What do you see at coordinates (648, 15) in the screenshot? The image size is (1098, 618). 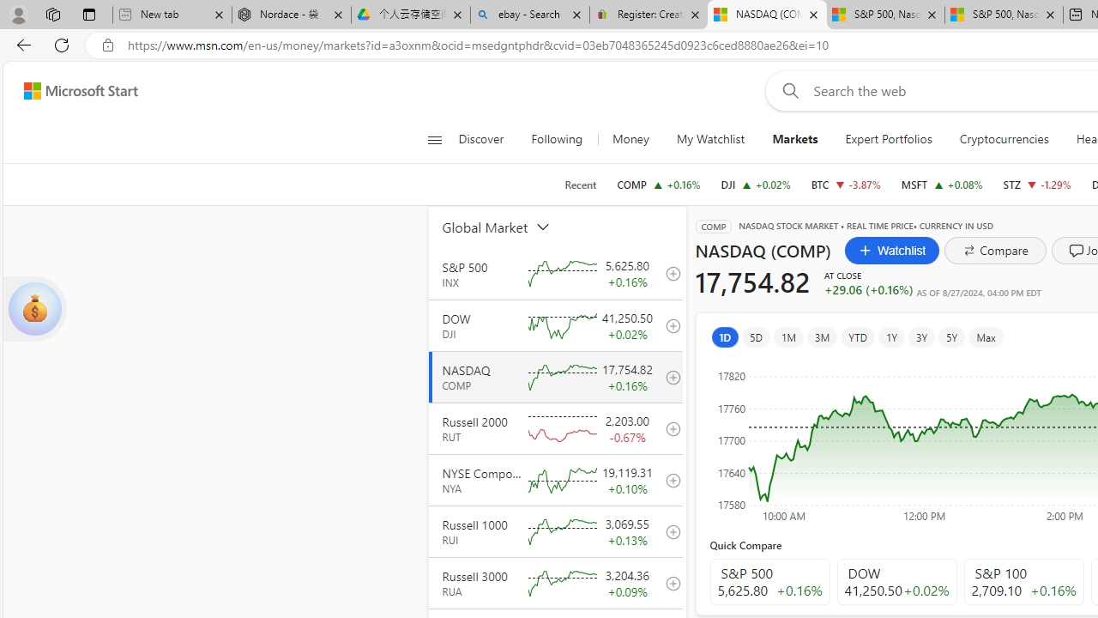 I see `'Register: Create a personal eBay account'` at bounding box center [648, 15].